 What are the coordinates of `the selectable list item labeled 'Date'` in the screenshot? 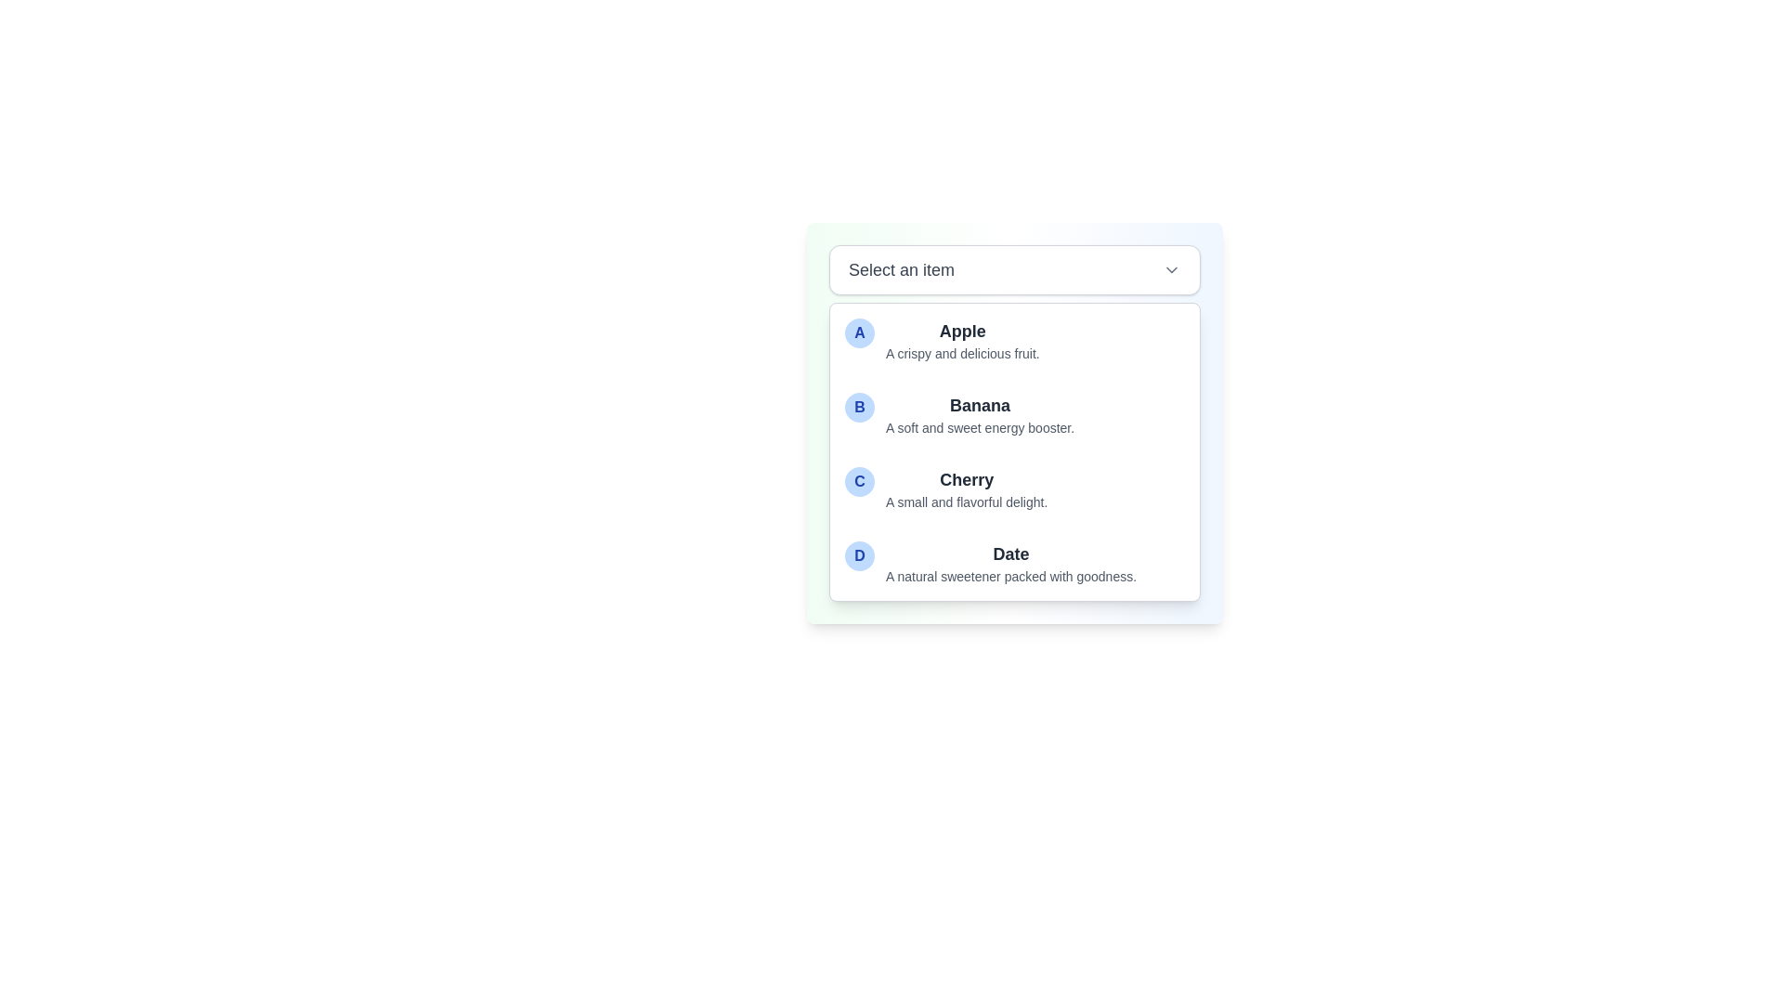 It's located at (1014, 562).